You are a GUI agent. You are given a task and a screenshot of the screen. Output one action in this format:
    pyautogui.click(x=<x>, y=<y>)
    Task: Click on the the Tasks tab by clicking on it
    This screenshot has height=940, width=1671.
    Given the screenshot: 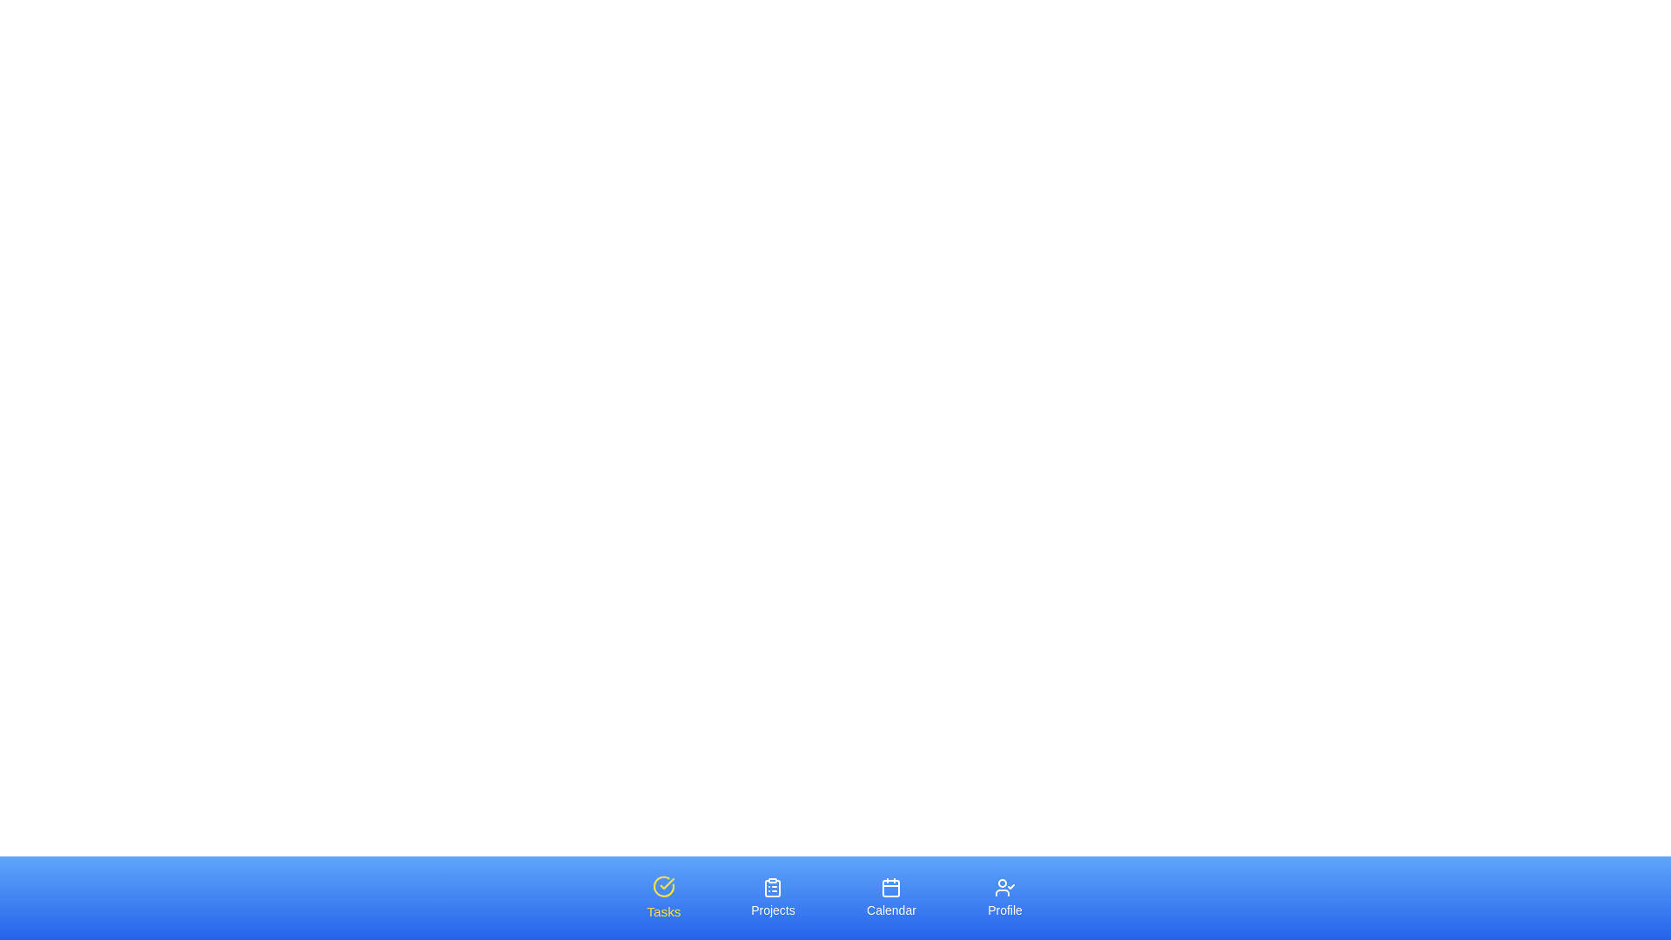 What is the action you would take?
    pyautogui.click(x=663, y=898)
    